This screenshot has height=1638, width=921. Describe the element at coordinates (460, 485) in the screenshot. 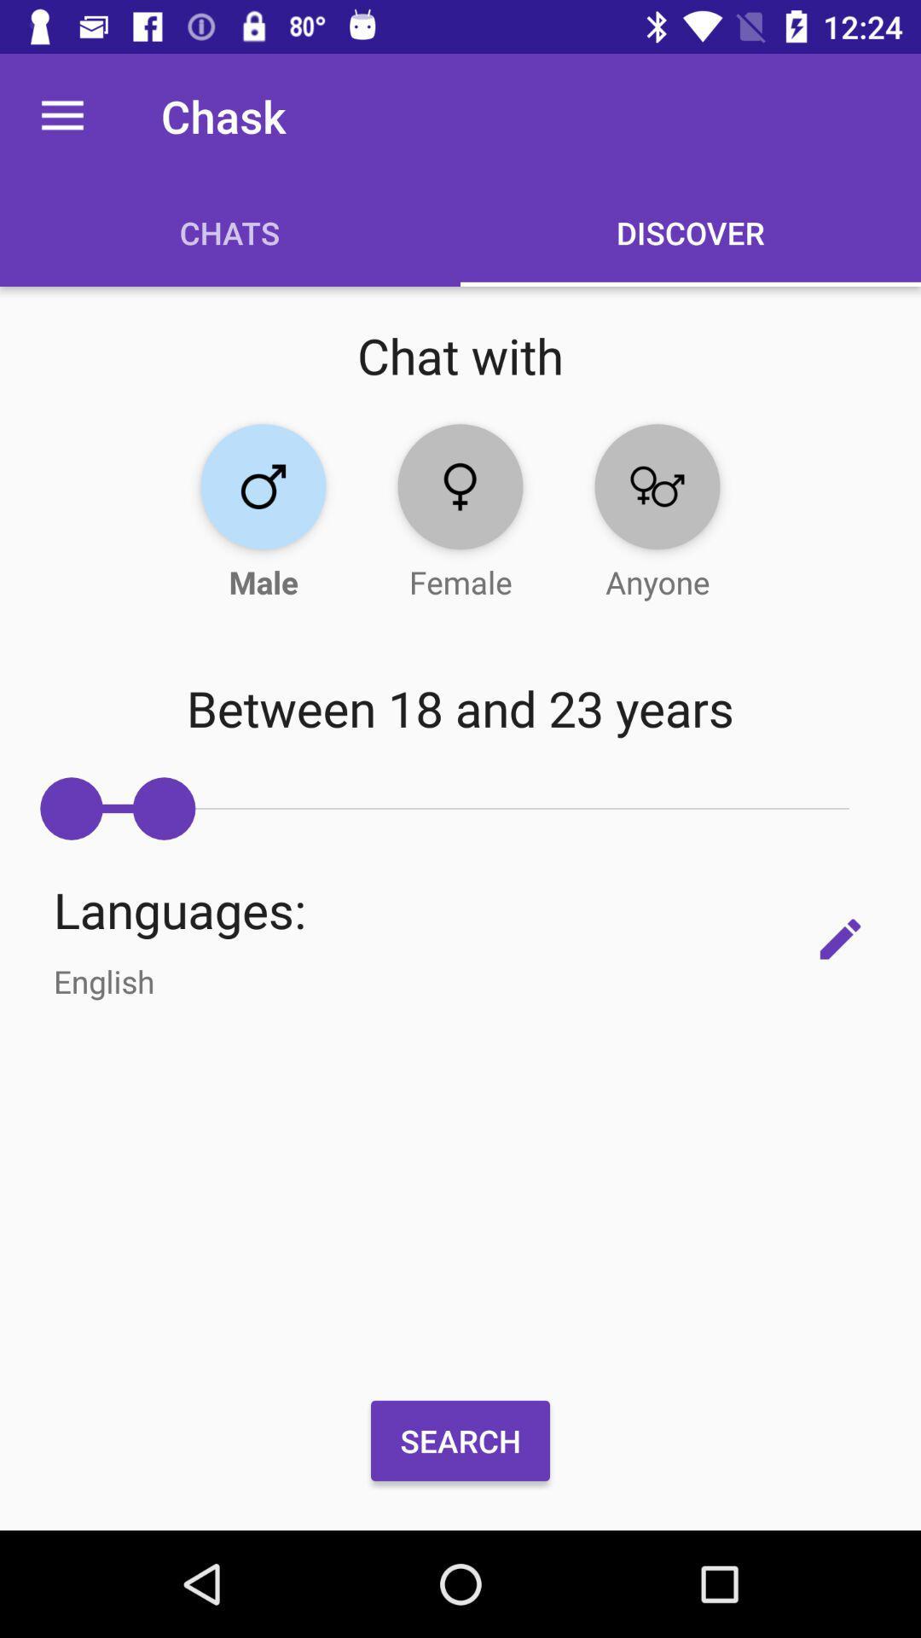

I see `the location icon` at that location.